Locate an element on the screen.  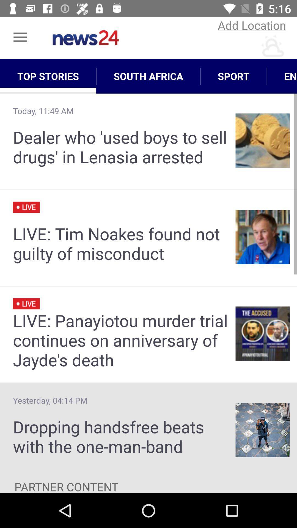
sport icon is located at coordinates (233, 76).